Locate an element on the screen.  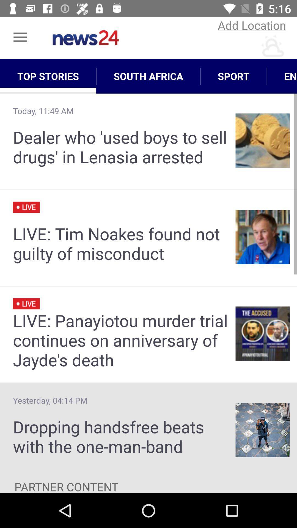
sport icon is located at coordinates (233, 76).